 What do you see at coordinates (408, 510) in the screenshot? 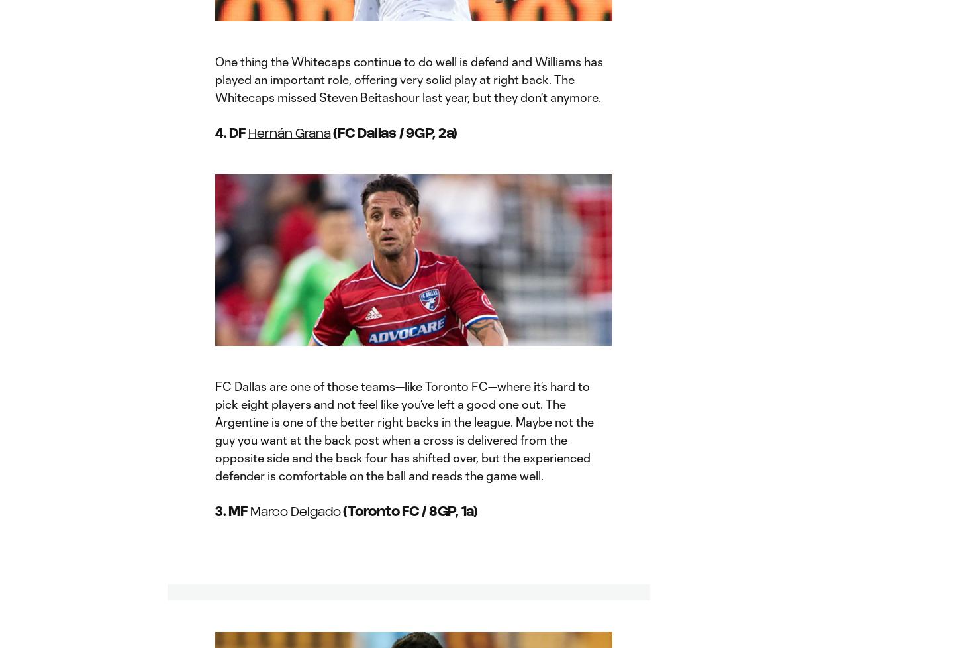
I see `'(Toronto FC / 8GP, 1a)'` at bounding box center [408, 510].